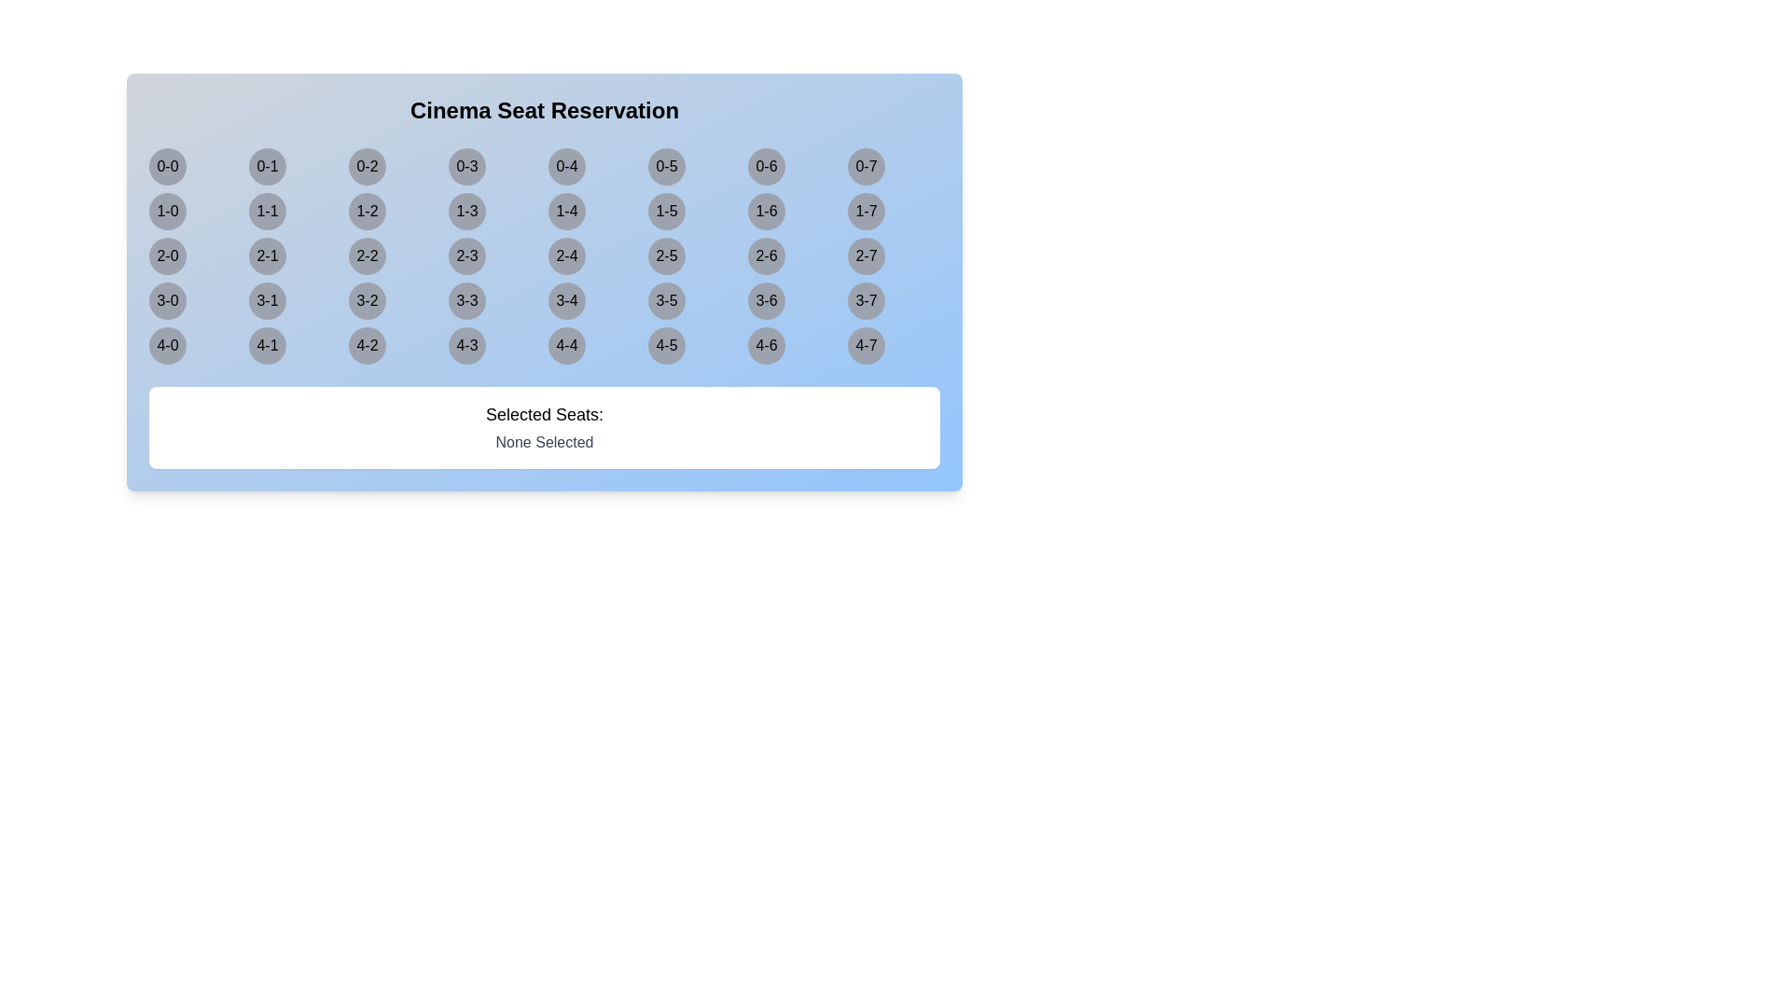  What do you see at coordinates (267, 300) in the screenshot?
I see `the circular button labeled '3-1' located in the second column of the fourth row in the grid layout for selecting or deselecting the seat` at bounding box center [267, 300].